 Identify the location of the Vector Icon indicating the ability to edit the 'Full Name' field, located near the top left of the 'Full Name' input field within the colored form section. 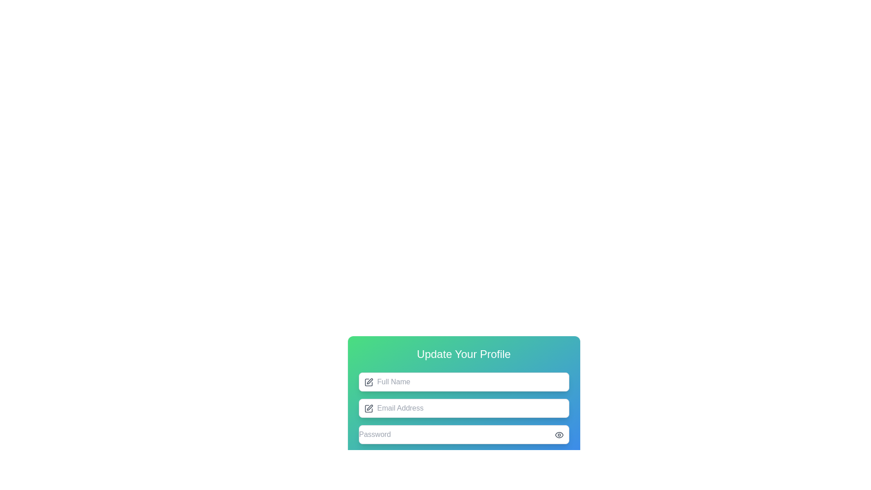
(370, 381).